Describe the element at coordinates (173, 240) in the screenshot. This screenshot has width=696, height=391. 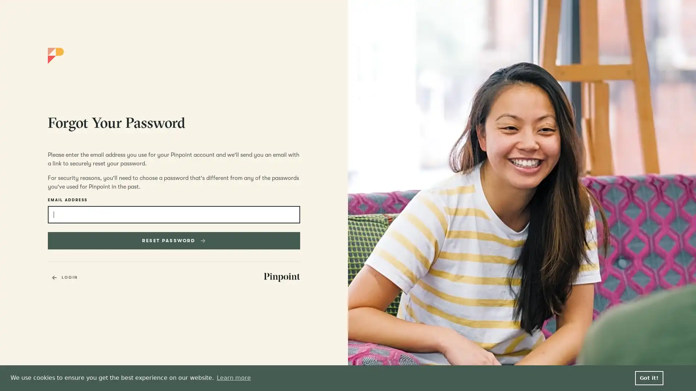
I see `RESET PASSWORD` at that location.